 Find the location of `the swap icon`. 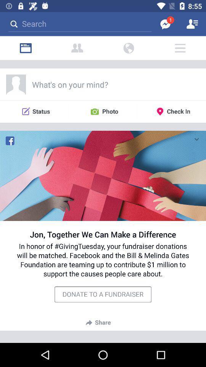

the swap icon is located at coordinates (129, 48).